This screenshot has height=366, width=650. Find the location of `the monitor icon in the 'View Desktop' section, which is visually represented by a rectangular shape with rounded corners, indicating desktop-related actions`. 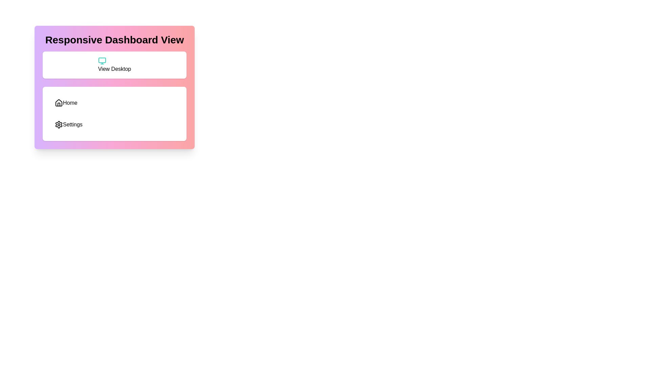

the monitor icon in the 'View Desktop' section, which is visually represented by a rectangular shape with rounded corners, indicating desktop-related actions is located at coordinates (102, 60).